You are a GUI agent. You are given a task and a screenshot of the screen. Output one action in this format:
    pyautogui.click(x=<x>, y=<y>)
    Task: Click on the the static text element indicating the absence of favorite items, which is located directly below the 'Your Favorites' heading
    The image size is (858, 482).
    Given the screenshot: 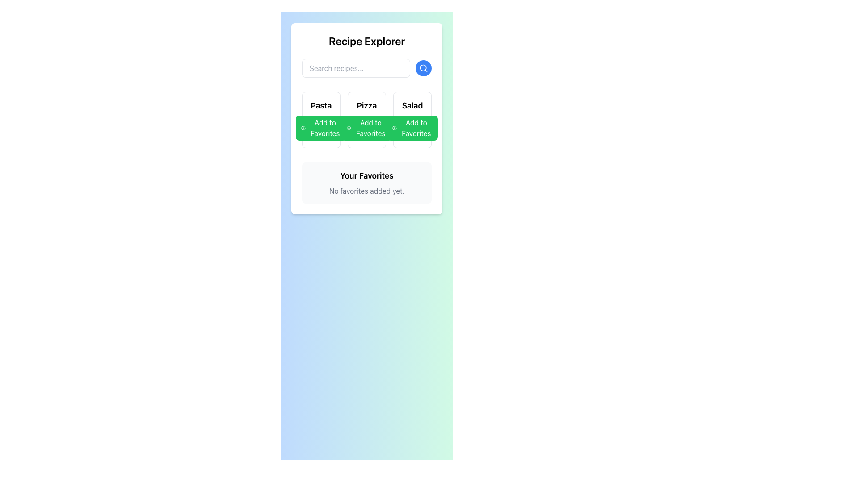 What is the action you would take?
    pyautogui.click(x=366, y=191)
    